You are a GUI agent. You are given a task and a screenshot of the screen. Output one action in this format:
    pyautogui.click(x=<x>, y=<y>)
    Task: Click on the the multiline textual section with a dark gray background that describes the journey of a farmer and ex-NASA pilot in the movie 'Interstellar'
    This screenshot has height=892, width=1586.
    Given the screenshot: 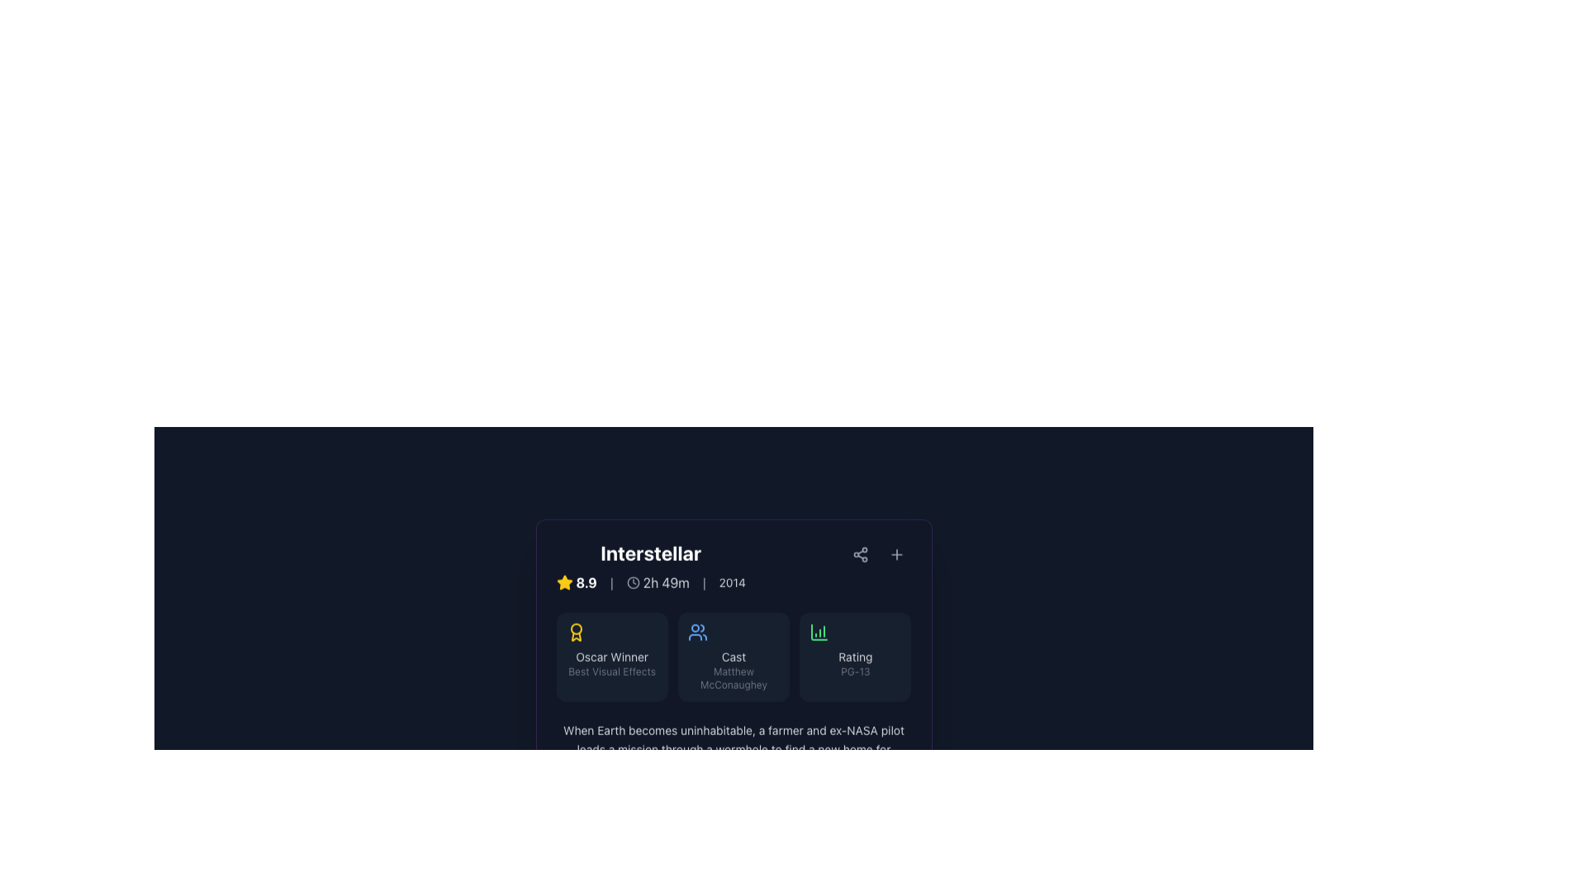 What is the action you would take?
    pyautogui.click(x=733, y=766)
    